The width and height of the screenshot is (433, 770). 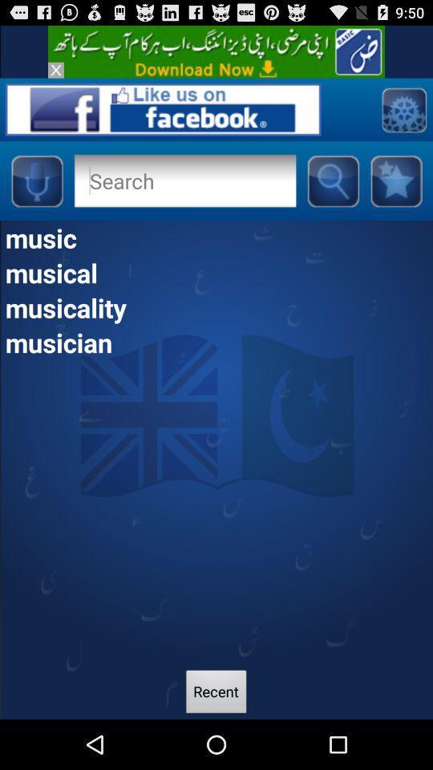 I want to click on open search bar, so click(x=332, y=180).